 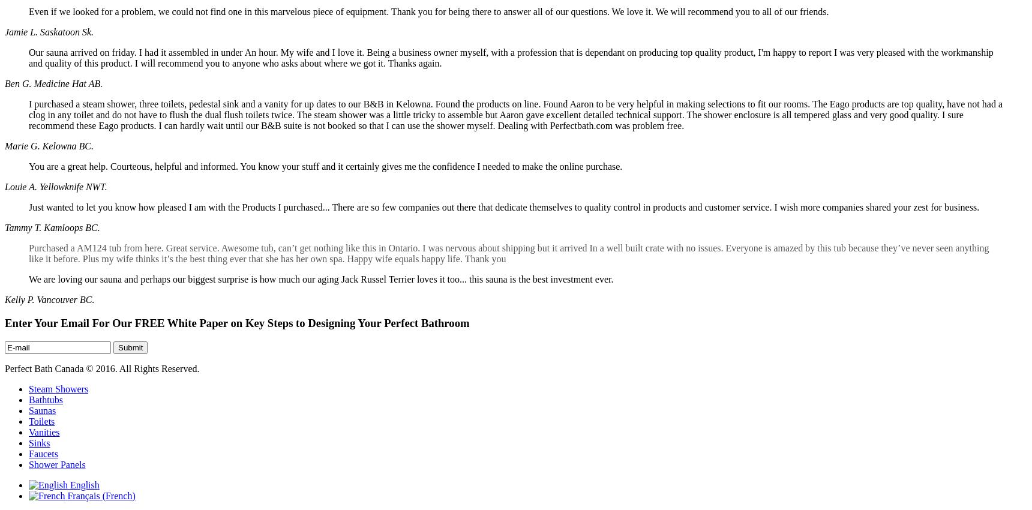 I want to click on 'Toilets', so click(x=41, y=420).